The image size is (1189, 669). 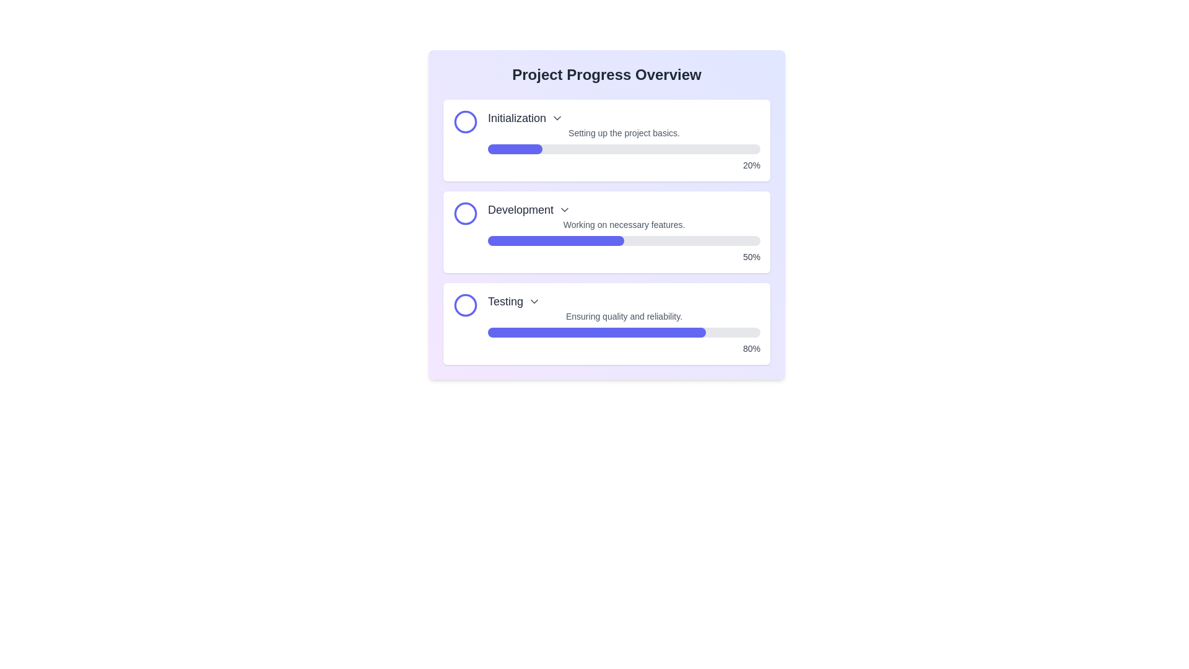 I want to click on the section label text that provides context to the user to initiate related actions or navigation, so click(x=505, y=301).